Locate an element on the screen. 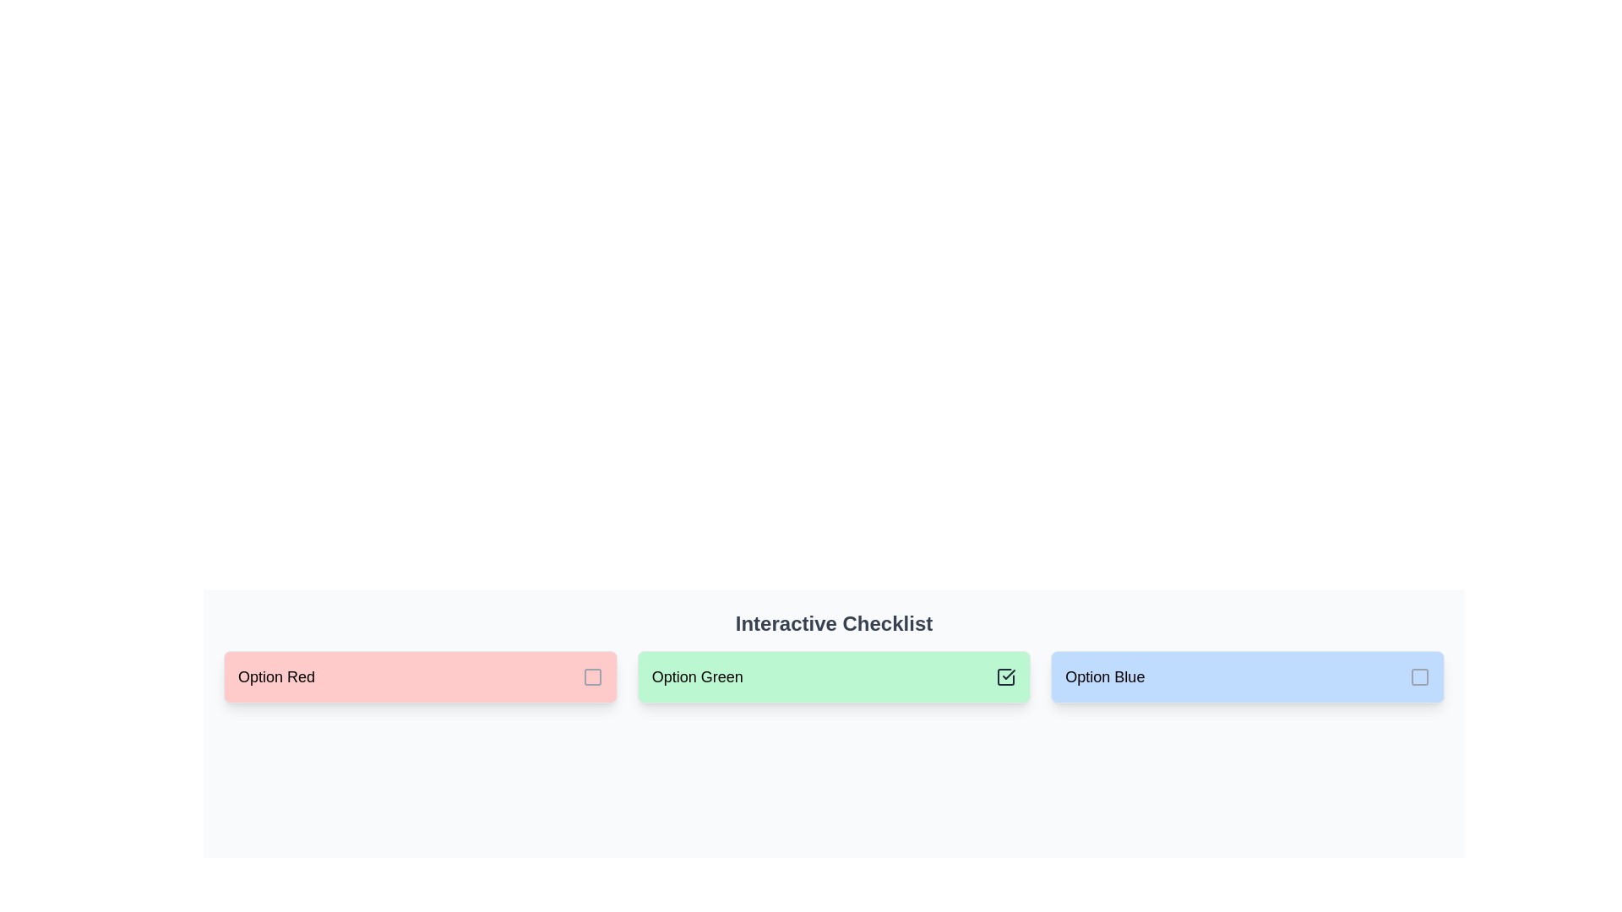  the checkbox with a checkmark indicating a selected state is located at coordinates (1006, 676).